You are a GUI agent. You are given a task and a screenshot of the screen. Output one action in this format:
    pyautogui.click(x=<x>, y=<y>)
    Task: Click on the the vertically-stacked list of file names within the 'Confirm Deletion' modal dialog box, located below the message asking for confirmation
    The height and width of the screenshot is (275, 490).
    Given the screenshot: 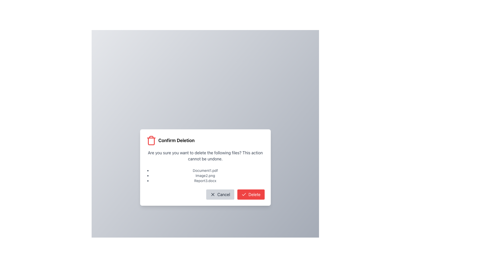 What is the action you would take?
    pyautogui.click(x=205, y=175)
    